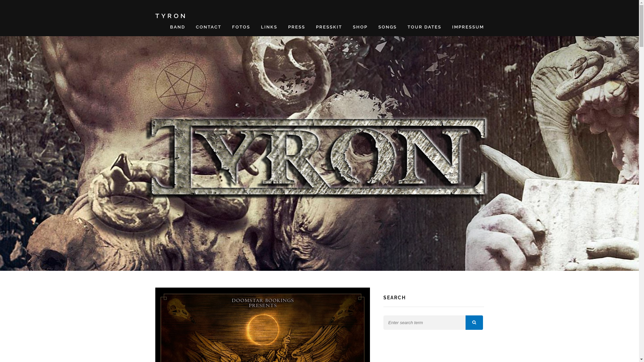 This screenshot has height=362, width=644. I want to click on 'SHOP', so click(360, 27).